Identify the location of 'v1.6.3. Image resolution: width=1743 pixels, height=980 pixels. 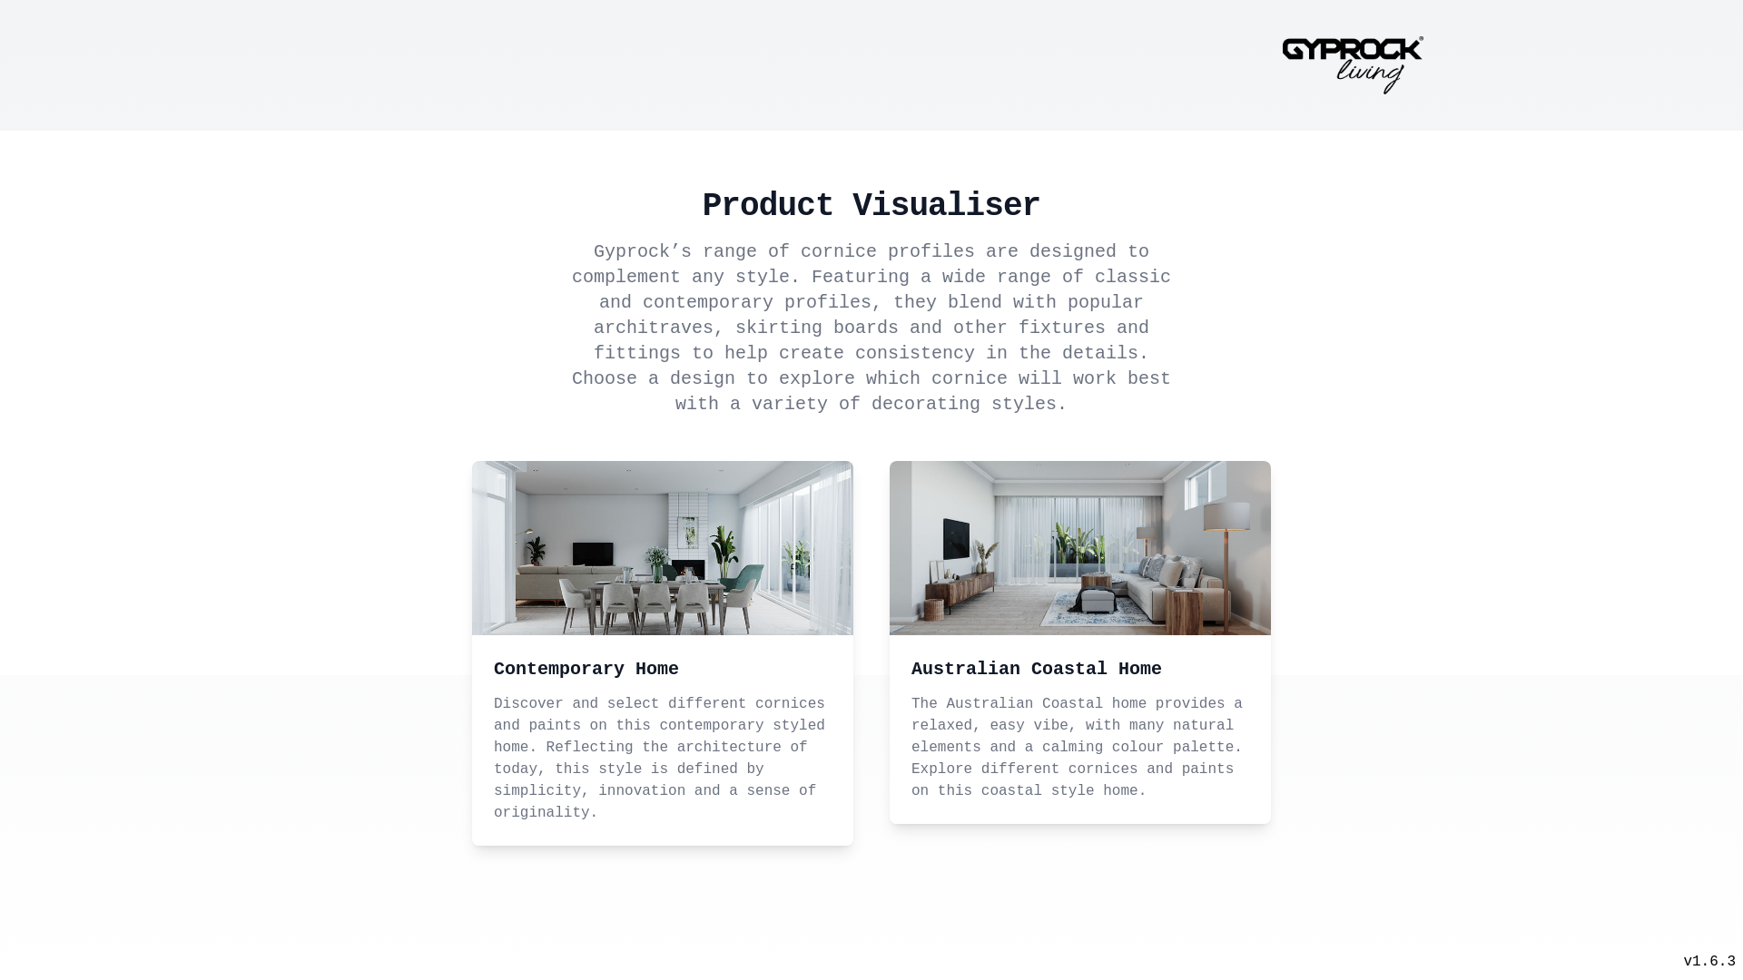
(1681, 961).